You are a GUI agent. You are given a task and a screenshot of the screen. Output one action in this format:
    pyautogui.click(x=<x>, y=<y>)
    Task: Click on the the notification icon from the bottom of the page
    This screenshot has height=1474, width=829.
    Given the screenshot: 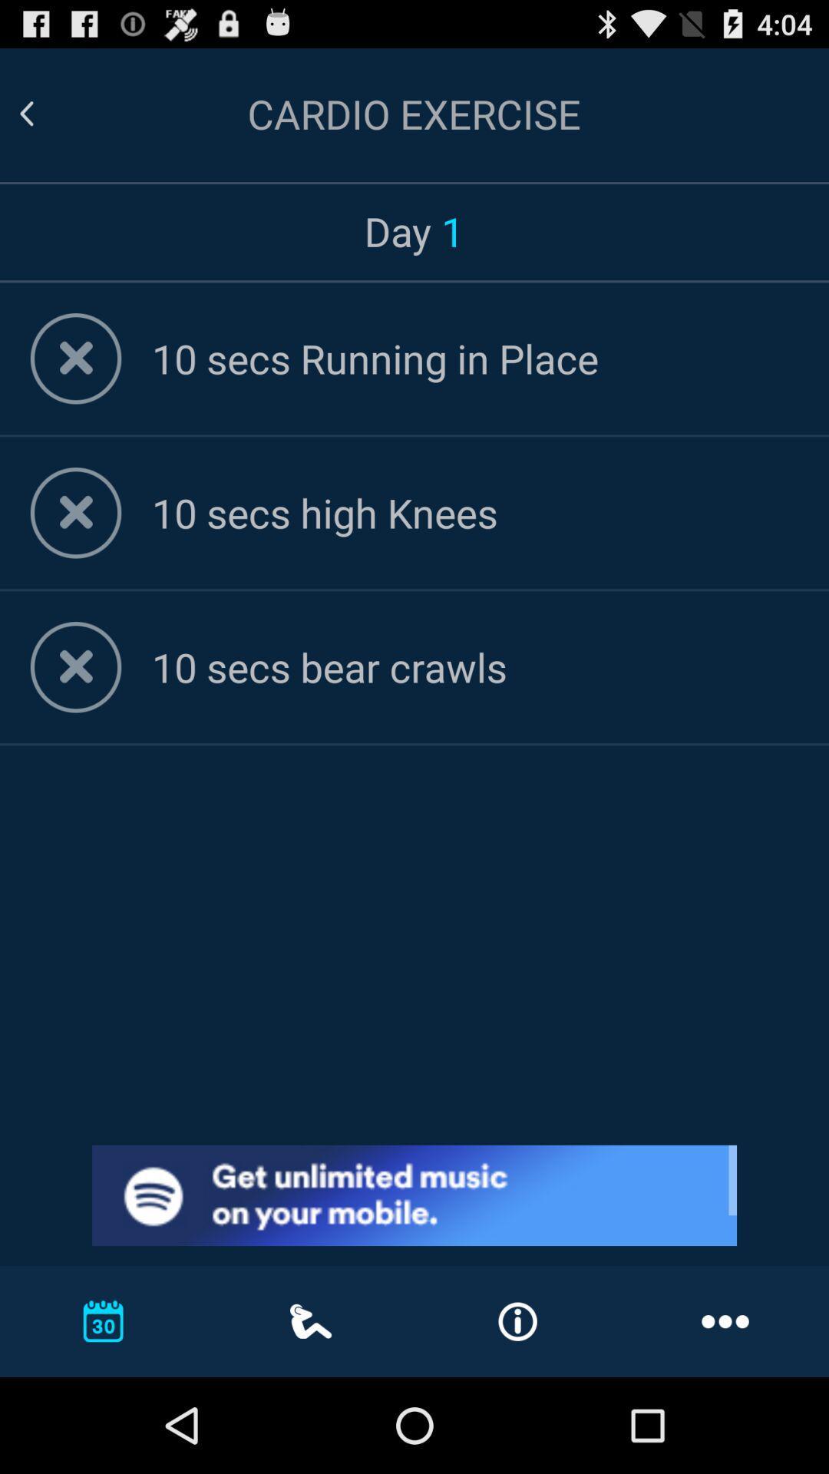 What is the action you would take?
    pyautogui.click(x=518, y=1321)
    